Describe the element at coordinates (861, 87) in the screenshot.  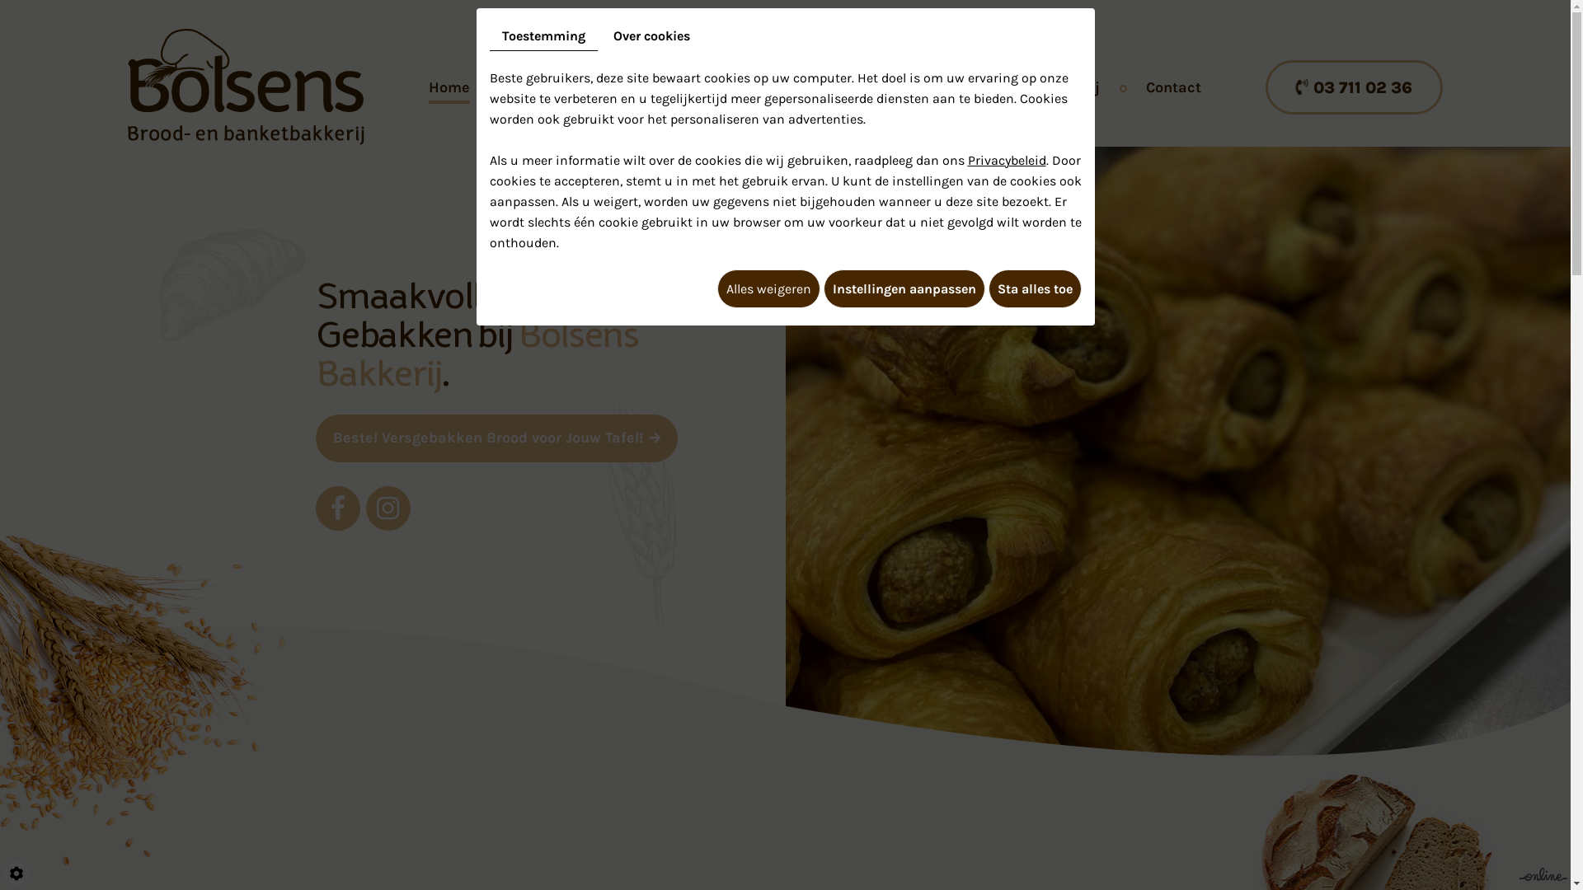
I see `'Bestel Online'` at that location.